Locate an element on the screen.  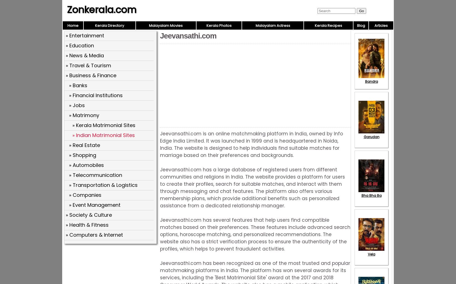
'Home' is located at coordinates (73, 25).